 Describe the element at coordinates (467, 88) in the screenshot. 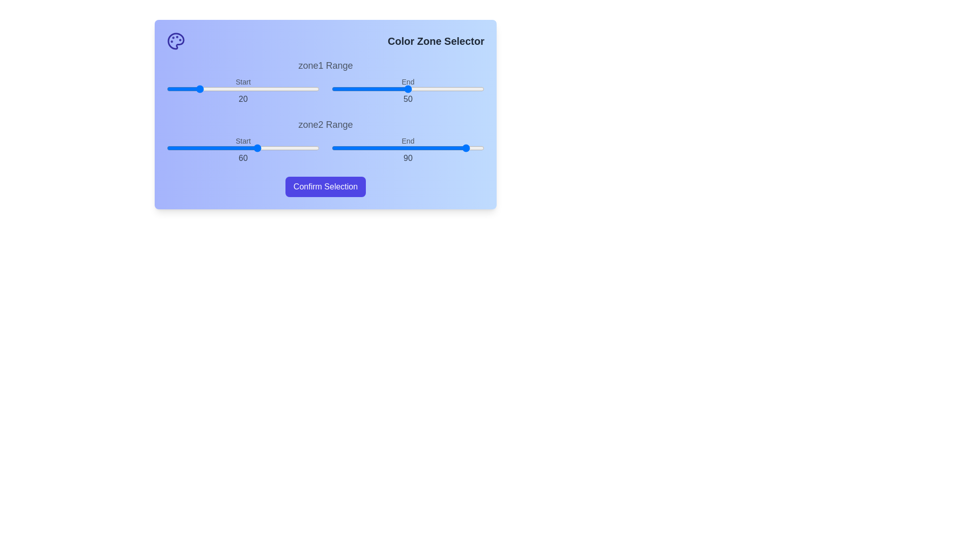

I see `the end range slider for zone1 to 89` at that location.